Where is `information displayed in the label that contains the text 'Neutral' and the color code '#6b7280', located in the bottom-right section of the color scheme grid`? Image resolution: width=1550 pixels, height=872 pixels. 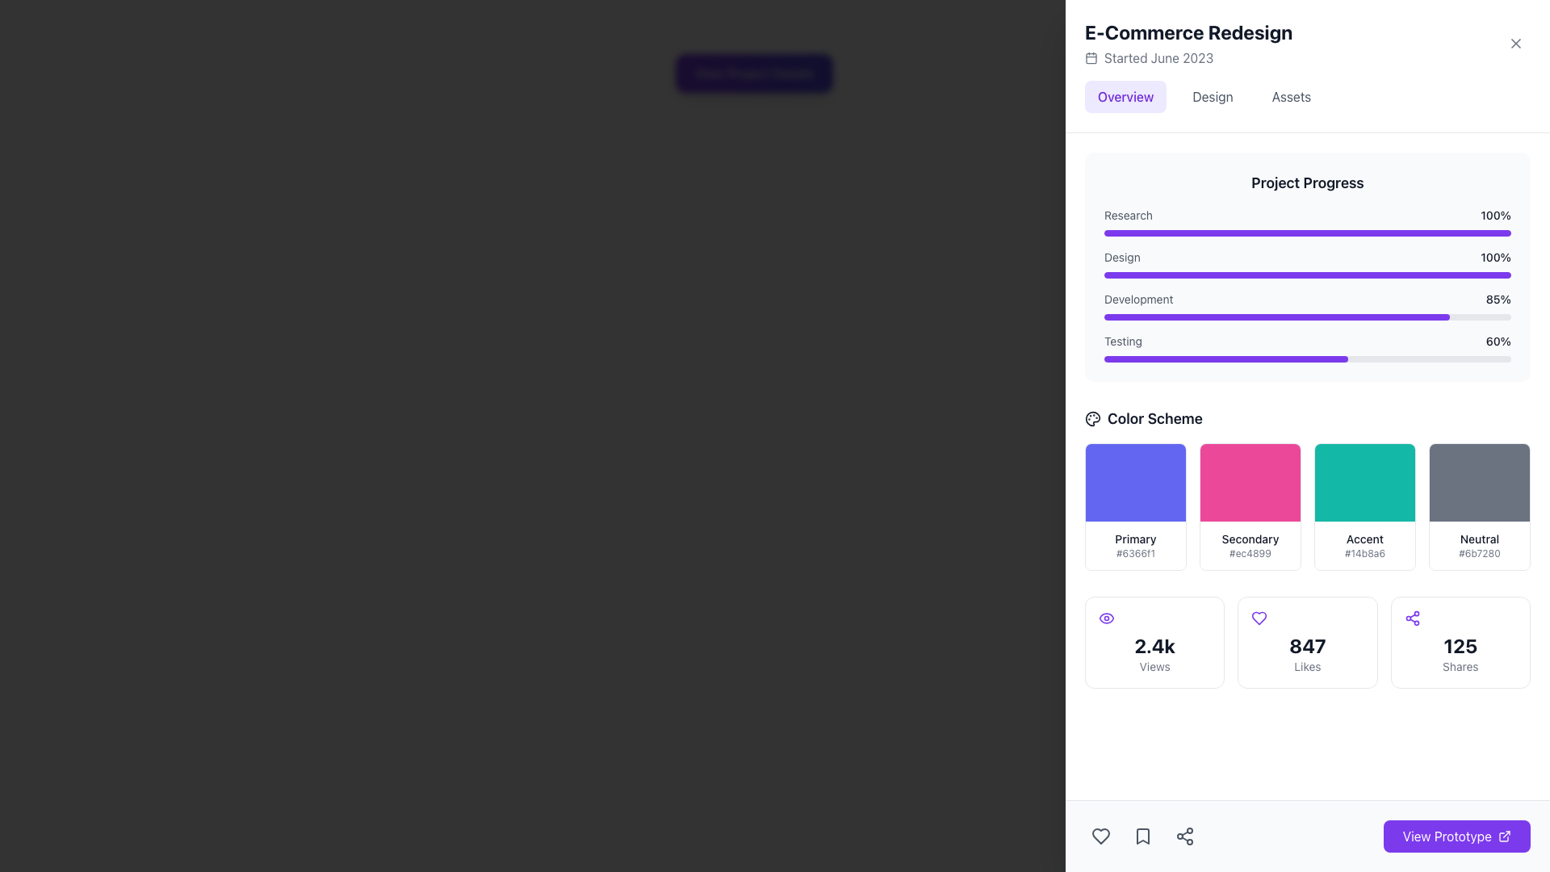
information displayed in the label that contains the text 'Neutral' and the color code '#6b7280', located in the bottom-right section of the color scheme grid is located at coordinates (1480, 545).